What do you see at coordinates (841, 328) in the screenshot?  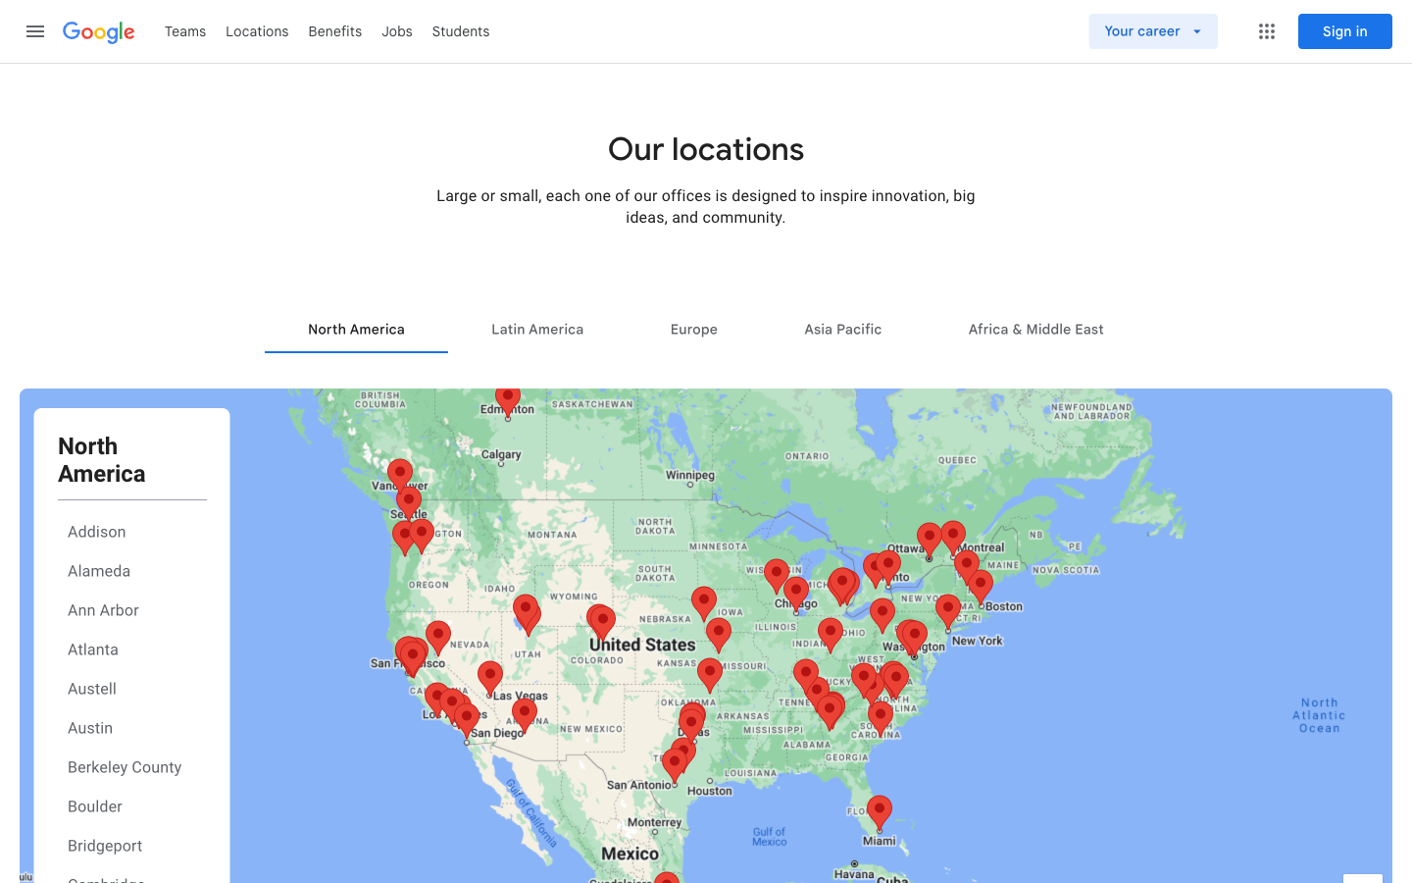 I see `Update the geographic area` at bounding box center [841, 328].